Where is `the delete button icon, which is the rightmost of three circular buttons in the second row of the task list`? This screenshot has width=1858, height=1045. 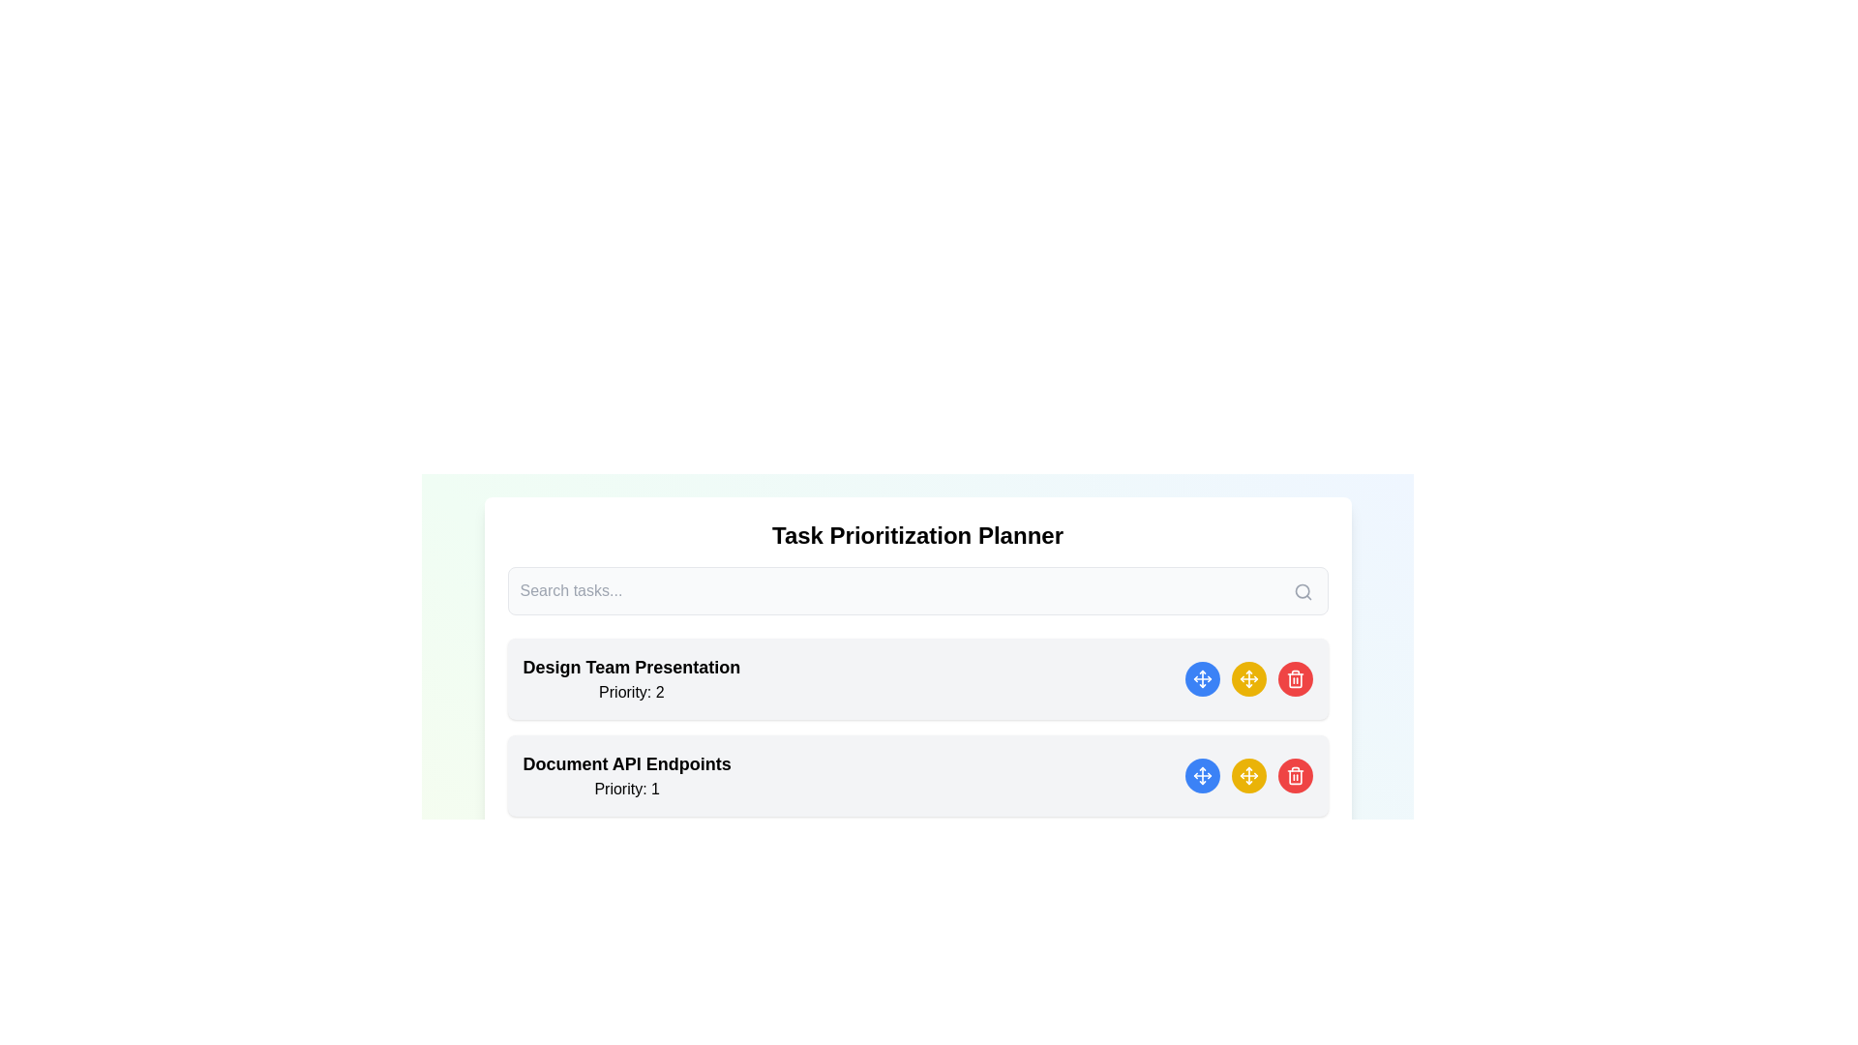 the delete button icon, which is the rightmost of three circular buttons in the second row of the task list is located at coordinates (1295, 775).